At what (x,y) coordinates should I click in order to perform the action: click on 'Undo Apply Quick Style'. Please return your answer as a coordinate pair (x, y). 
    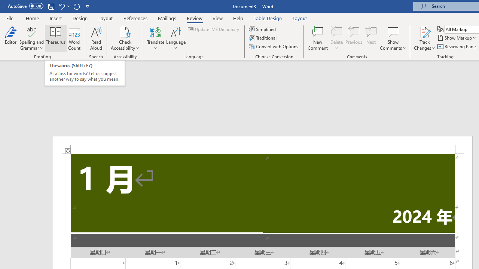
    Looking at the image, I should click on (61, 6).